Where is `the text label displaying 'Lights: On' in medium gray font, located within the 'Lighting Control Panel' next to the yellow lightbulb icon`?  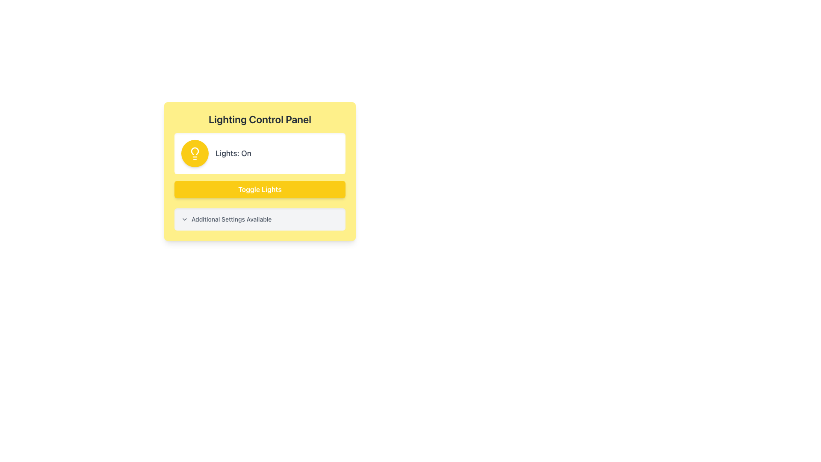
the text label displaying 'Lights: On' in medium gray font, located within the 'Lighting Control Panel' next to the yellow lightbulb icon is located at coordinates (233, 153).